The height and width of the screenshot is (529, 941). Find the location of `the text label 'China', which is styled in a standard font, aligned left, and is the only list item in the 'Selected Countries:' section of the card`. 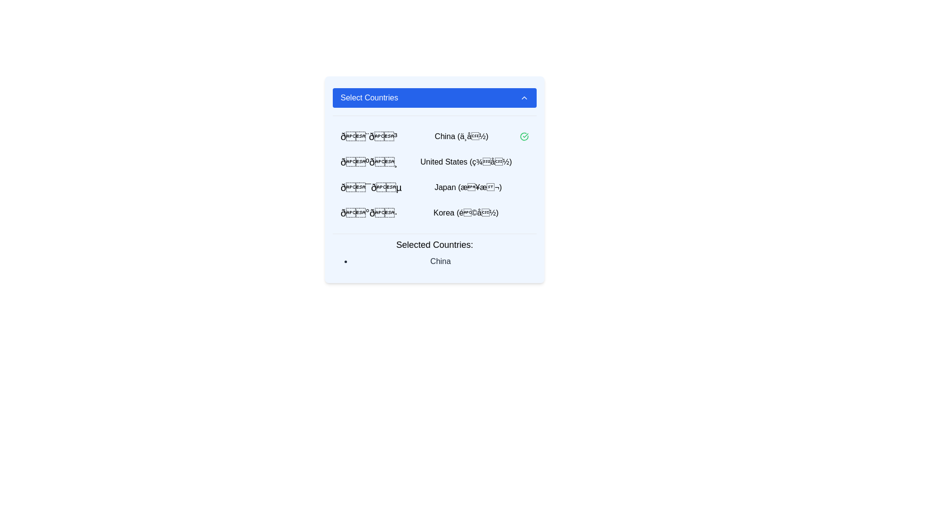

the text label 'China', which is styled in a standard font, aligned left, and is the only list item in the 'Selected Countries:' section of the card is located at coordinates (434, 261).